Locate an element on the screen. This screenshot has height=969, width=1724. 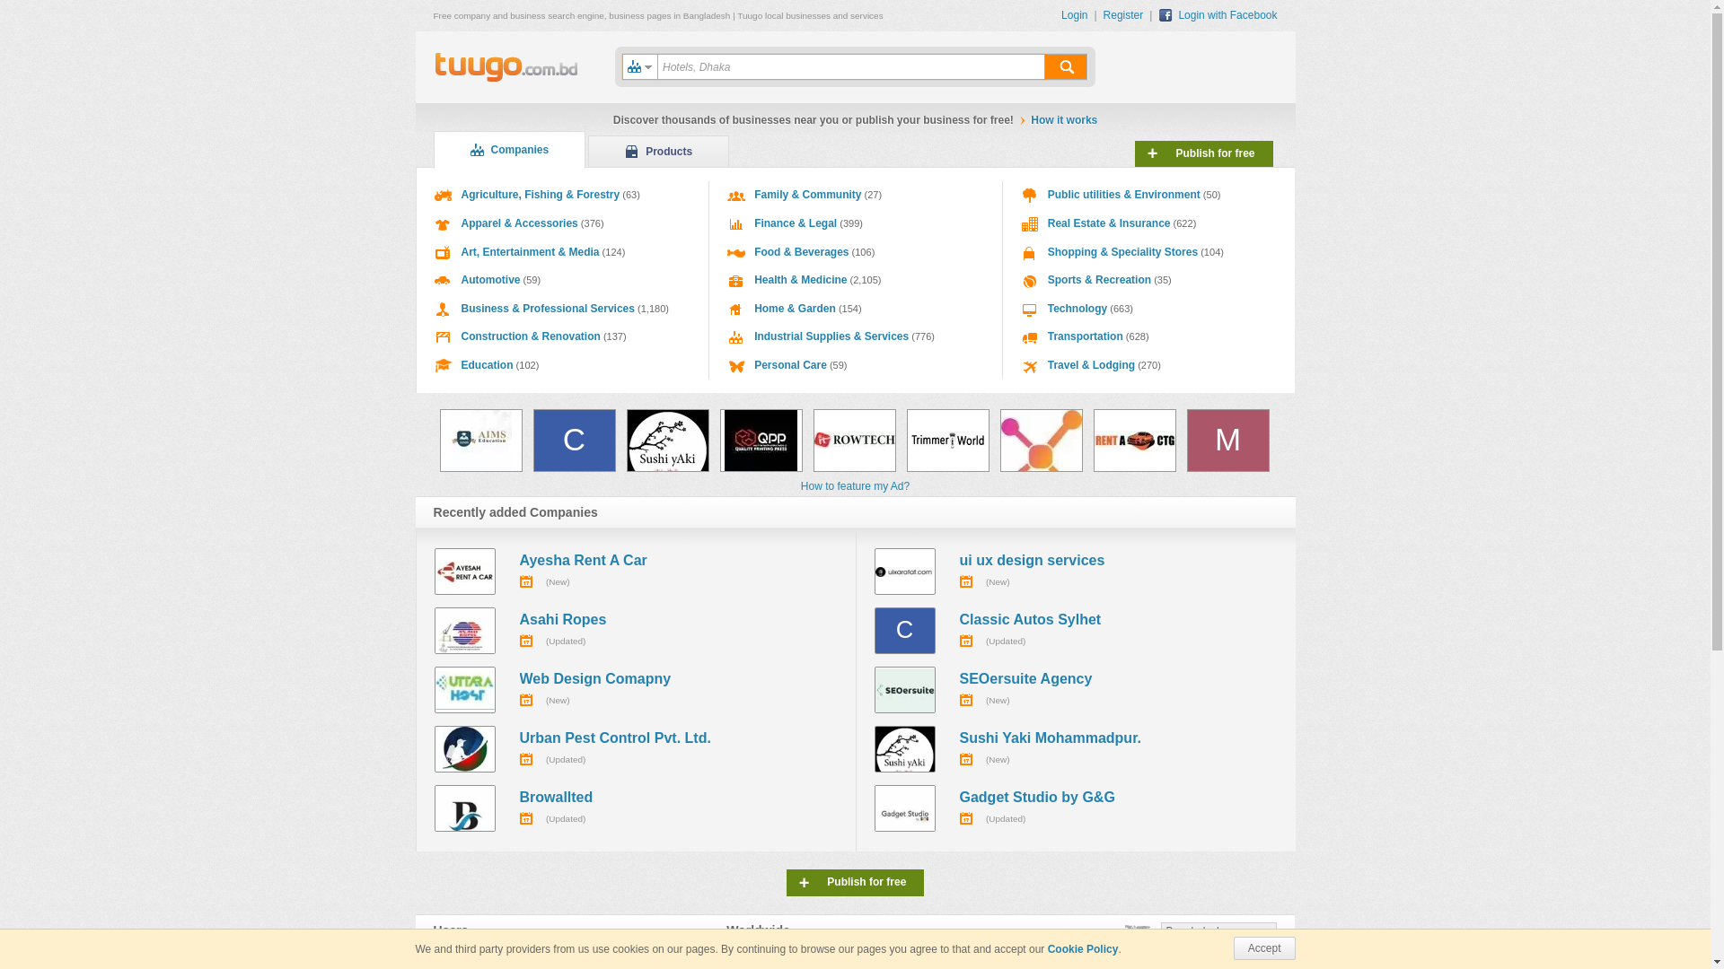
' Family & Community (27)' is located at coordinates (855, 196).